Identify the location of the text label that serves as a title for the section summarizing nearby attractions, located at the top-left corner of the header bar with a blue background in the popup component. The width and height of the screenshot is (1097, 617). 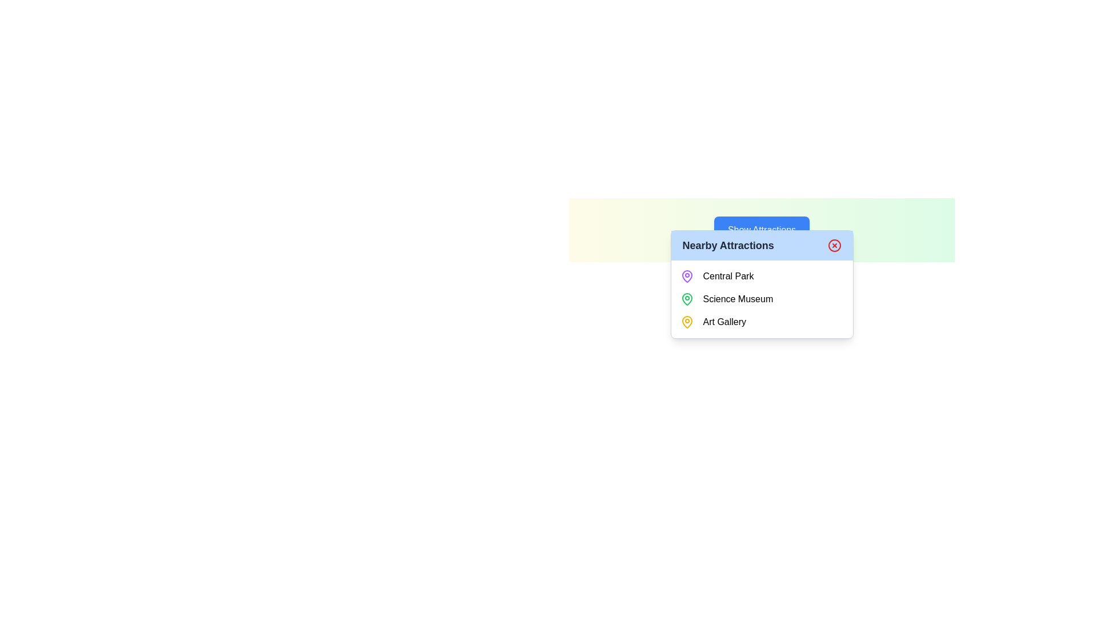
(727, 245).